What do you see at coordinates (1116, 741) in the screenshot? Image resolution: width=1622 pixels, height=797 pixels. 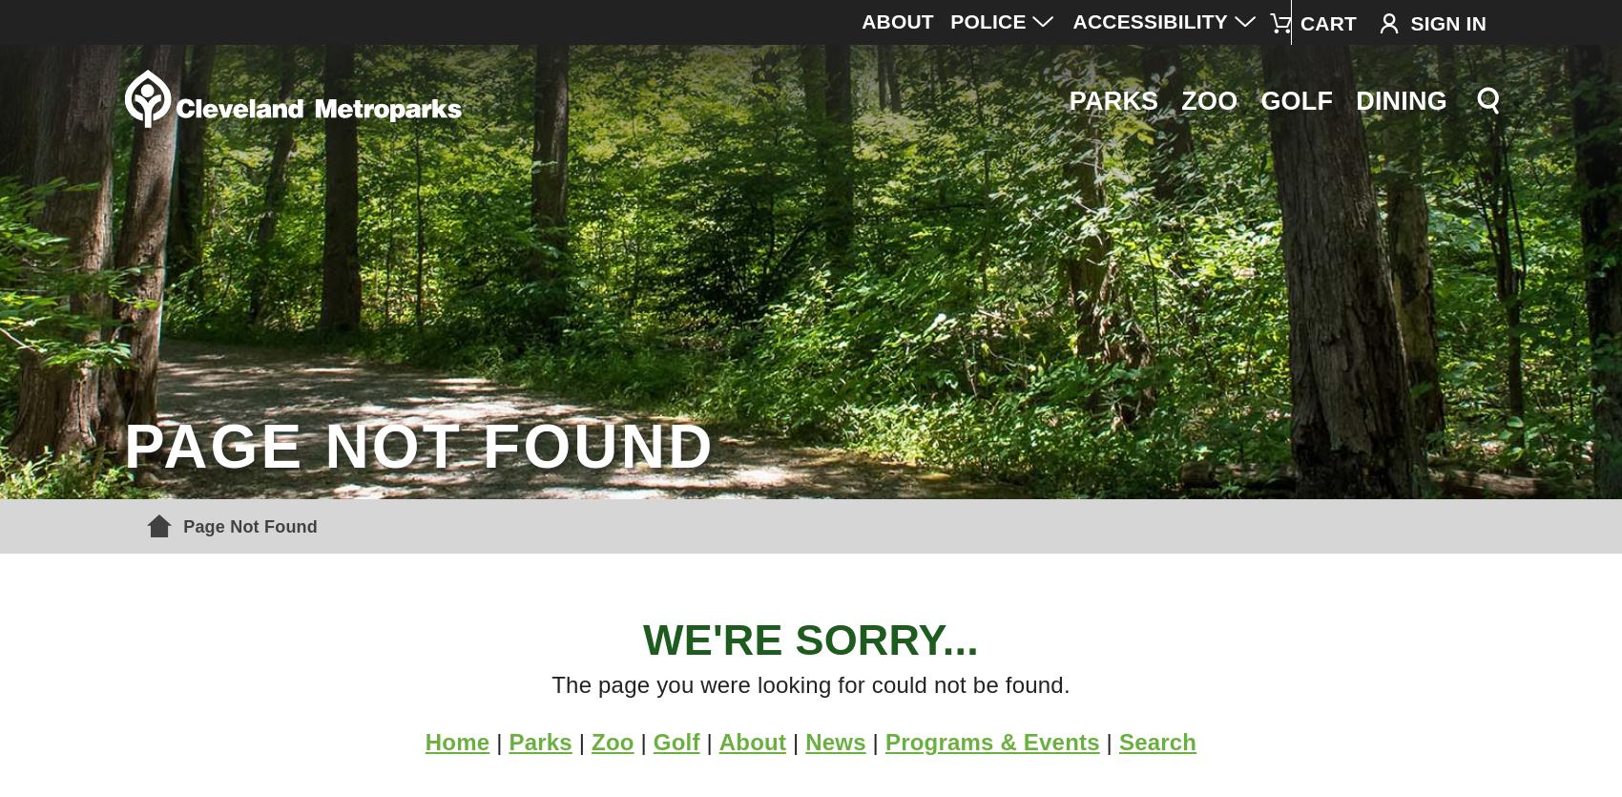 I see `'Search'` at bounding box center [1116, 741].